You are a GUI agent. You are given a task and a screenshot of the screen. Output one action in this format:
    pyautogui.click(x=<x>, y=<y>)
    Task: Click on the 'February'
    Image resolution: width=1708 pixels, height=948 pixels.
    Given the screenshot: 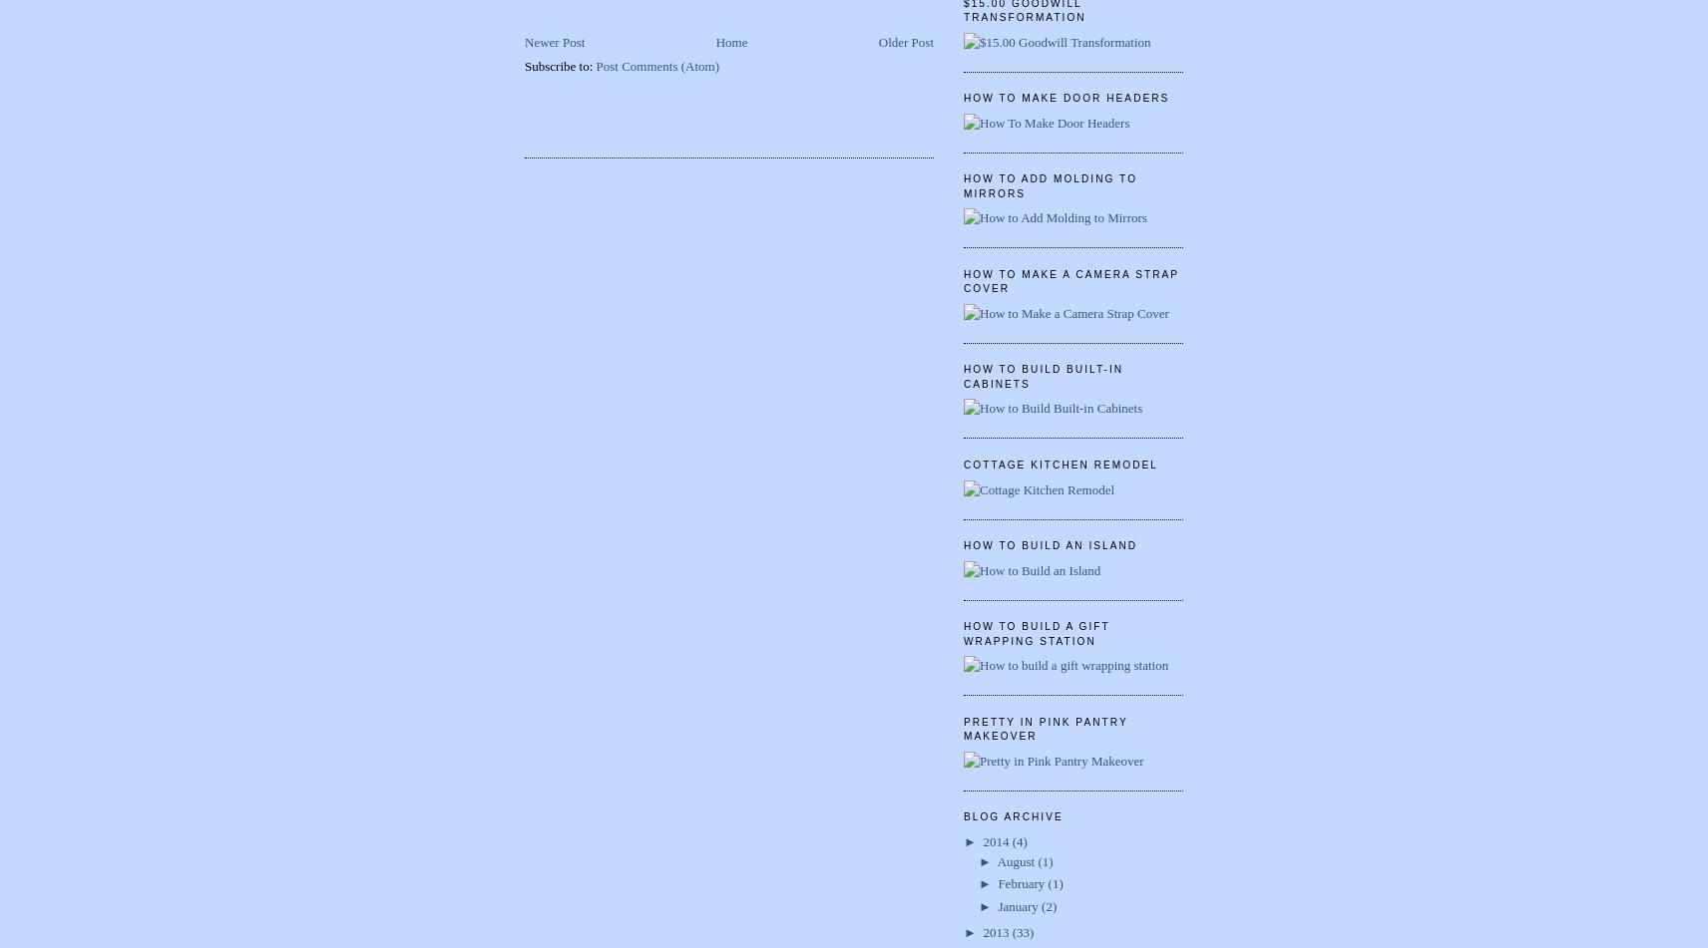 What is the action you would take?
    pyautogui.click(x=1021, y=882)
    